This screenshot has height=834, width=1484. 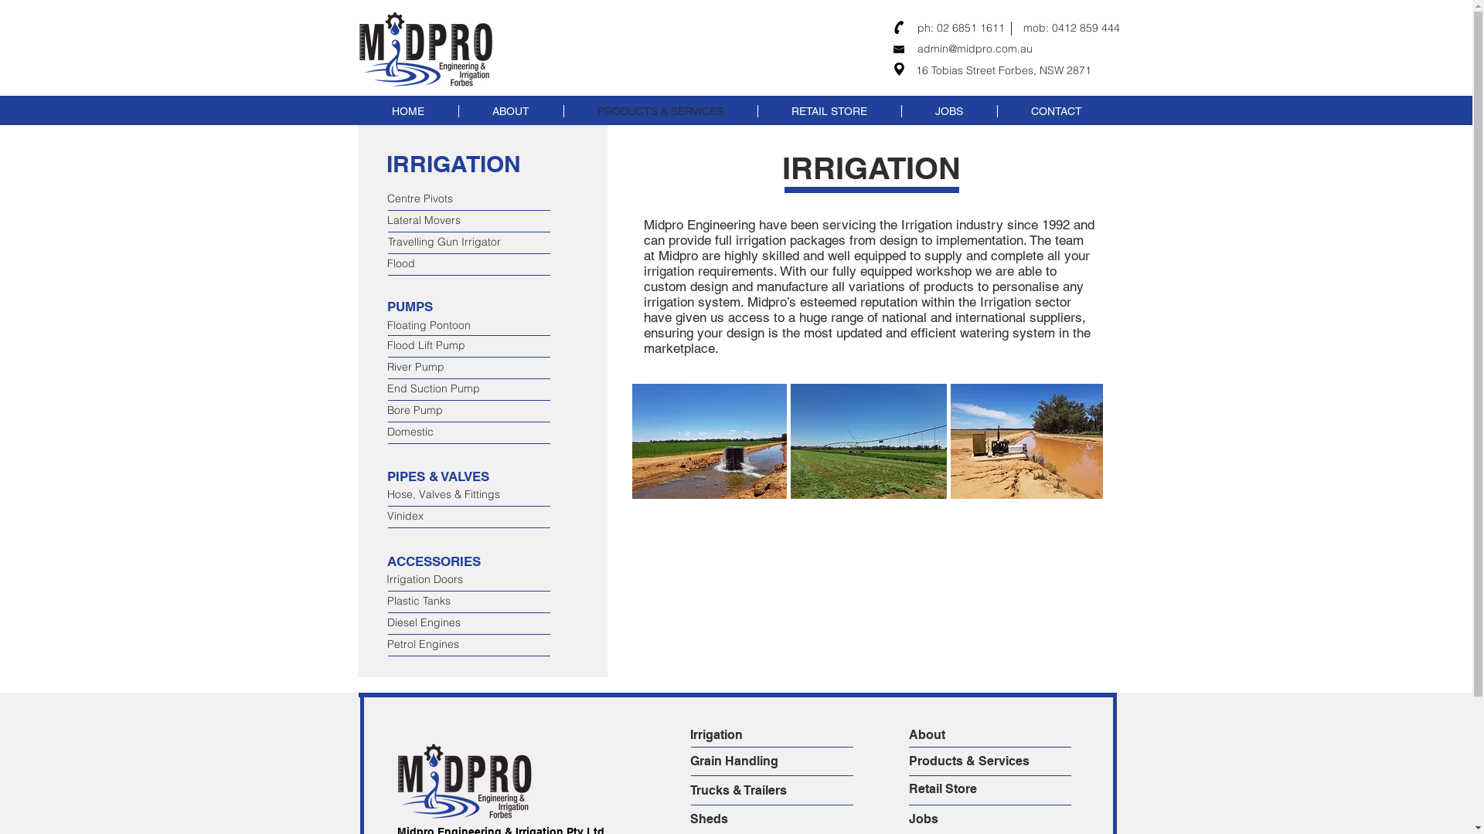 I want to click on 'Retail Store', so click(x=909, y=789).